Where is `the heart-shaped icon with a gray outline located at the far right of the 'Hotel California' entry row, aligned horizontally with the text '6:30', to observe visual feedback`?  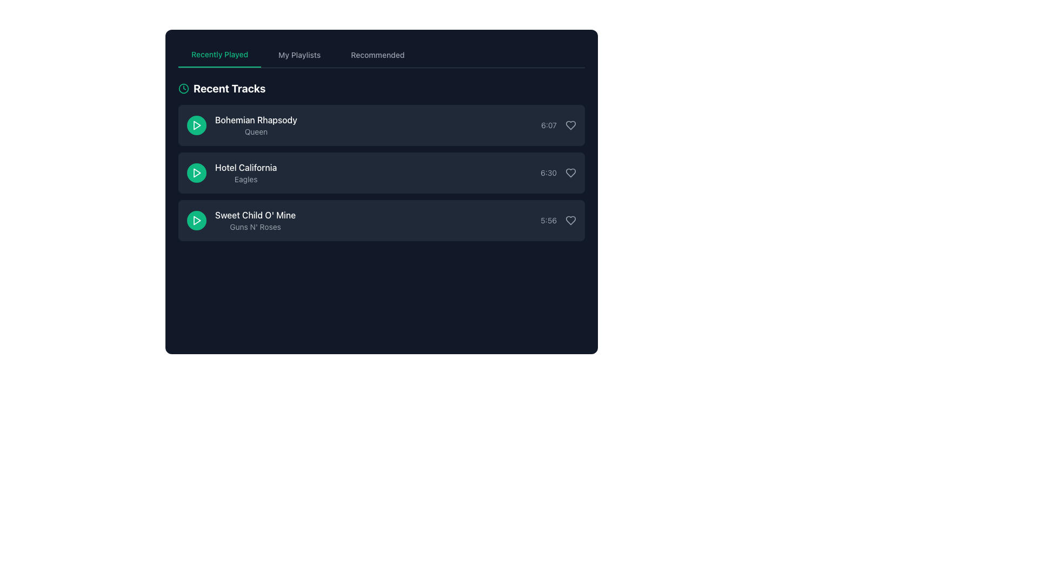
the heart-shaped icon with a gray outline located at the far right of the 'Hotel California' entry row, aligned horizontally with the text '6:30', to observe visual feedback is located at coordinates (570, 172).